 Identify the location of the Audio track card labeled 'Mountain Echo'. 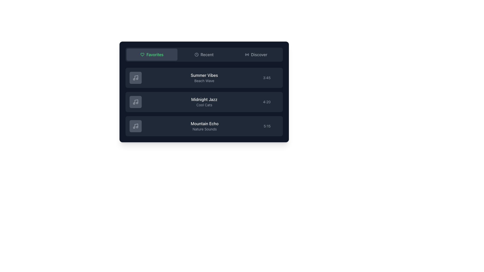
(204, 126).